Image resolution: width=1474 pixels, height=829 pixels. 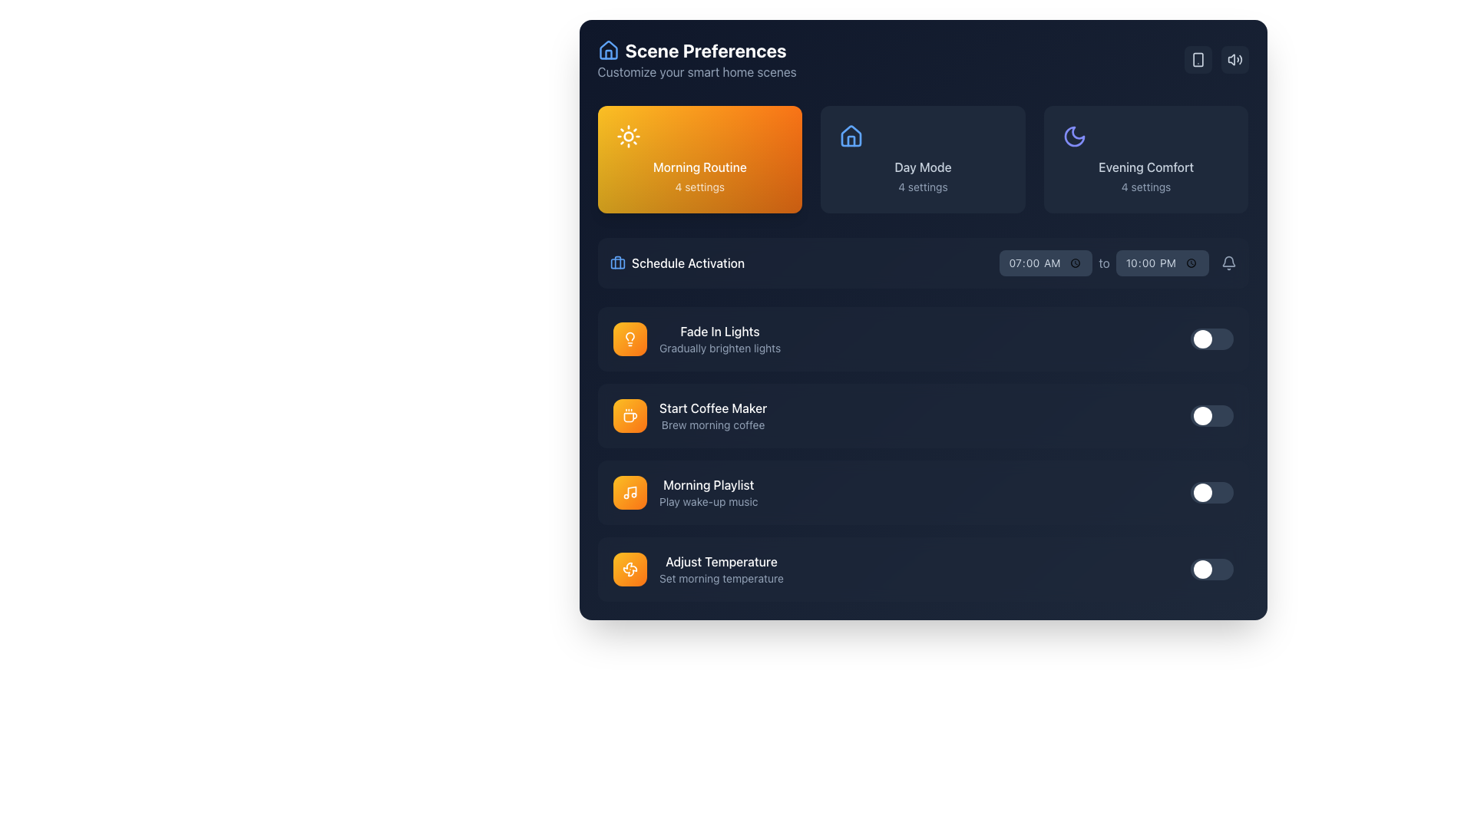 What do you see at coordinates (720, 569) in the screenshot?
I see `the temperature adjustment Text Label located under the 'Schedule Activation' heading` at bounding box center [720, 569].